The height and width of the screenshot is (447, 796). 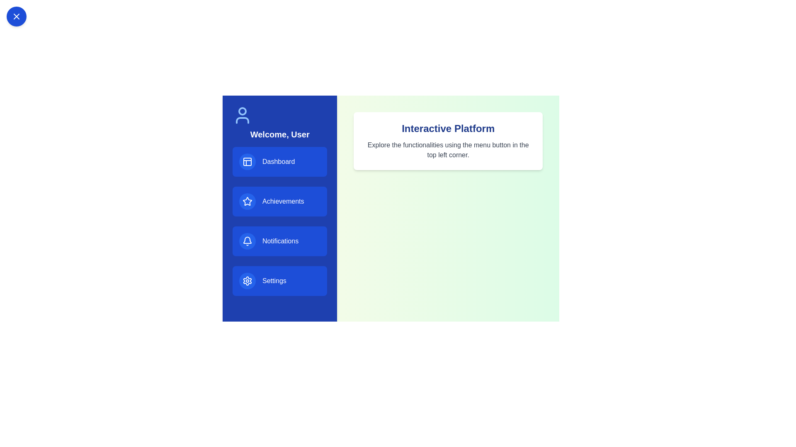 What do you see at coordinates (280, 161) in the screenshot?
I see `the menu item labeled Dashboard from the sidebar` at bounding box center [280, 161].